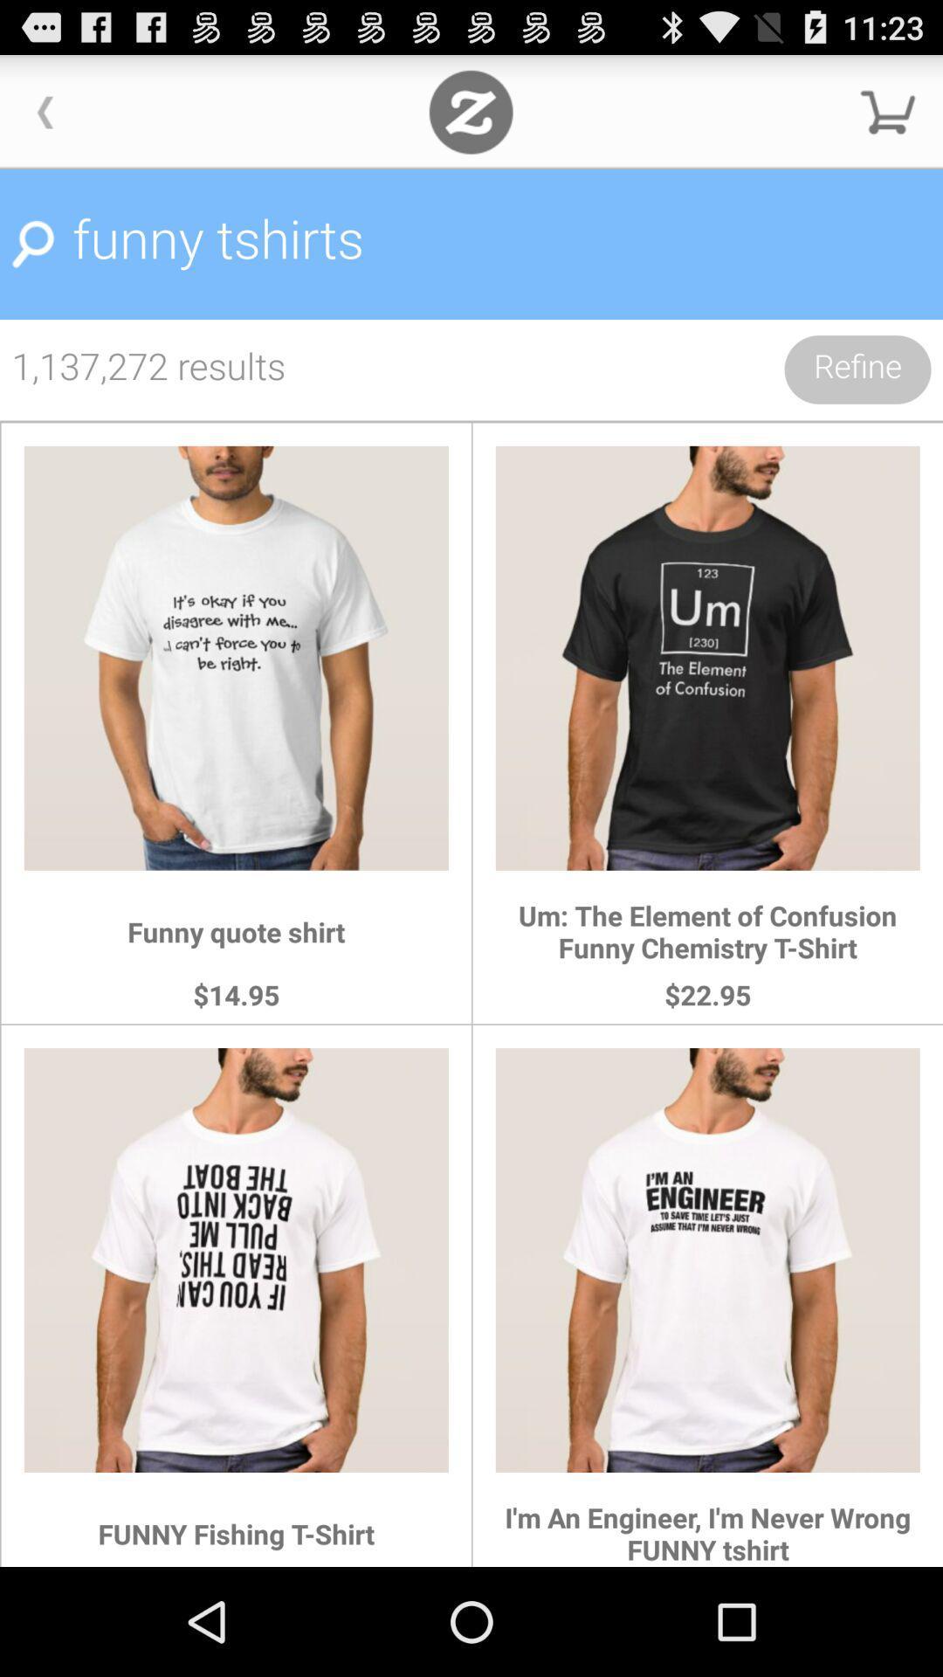 The width and height of the screenshot is (943, 1677). Describe the element at coordinates (857, 369) in the screenshot. I see `icon below funny tshirts item` at that location.